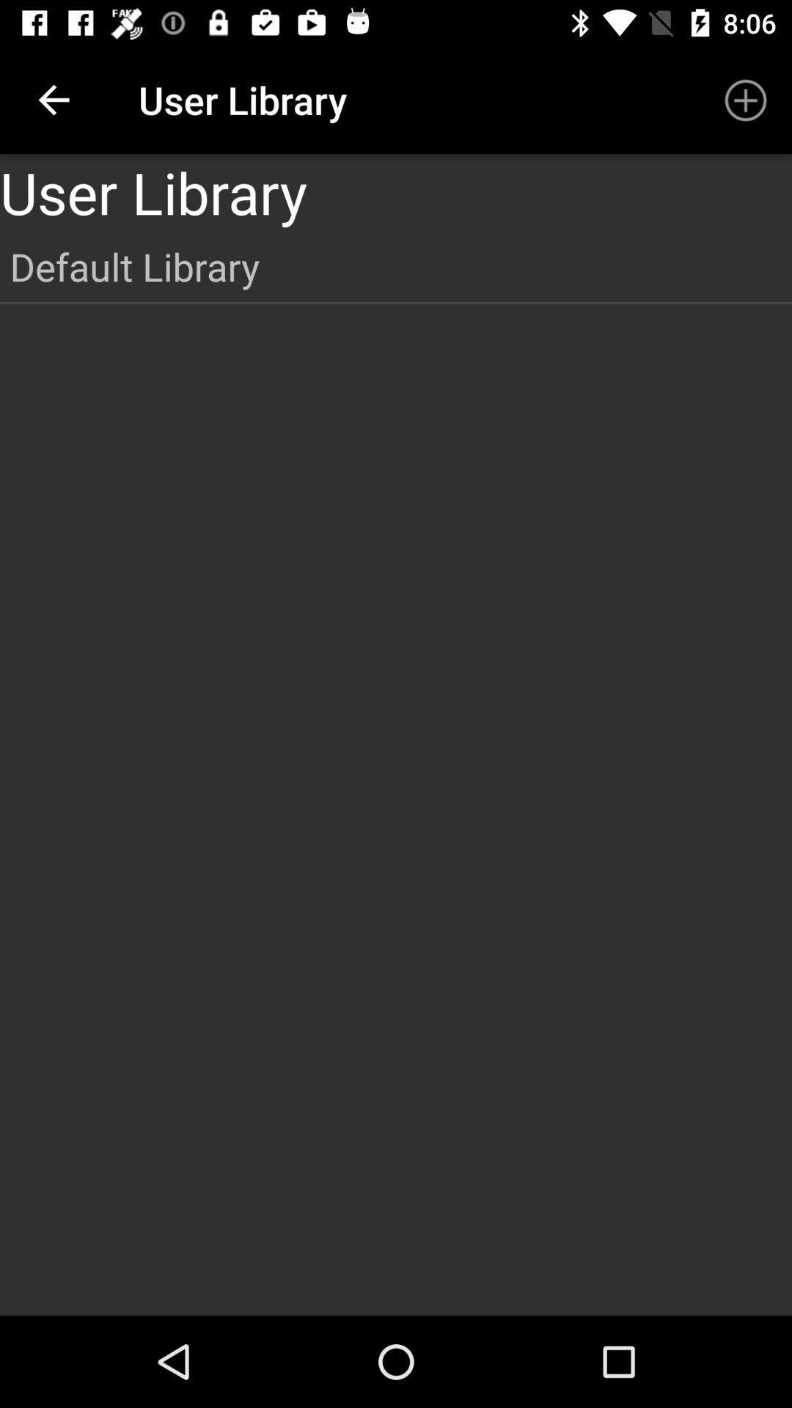 The image size is (792, 1408). I want to click on item below the user library icon, so click(396, 266).